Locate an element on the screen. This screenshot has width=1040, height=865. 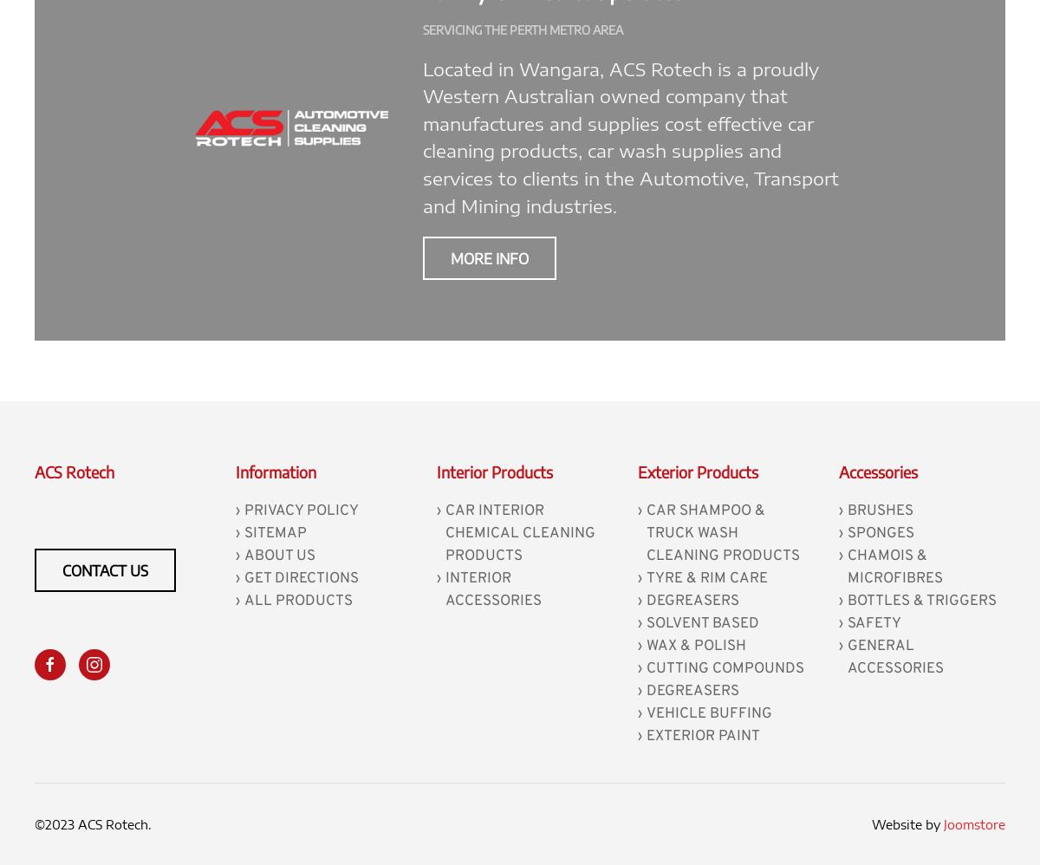
'Exterior Products' is located at coordinates (637, 472).